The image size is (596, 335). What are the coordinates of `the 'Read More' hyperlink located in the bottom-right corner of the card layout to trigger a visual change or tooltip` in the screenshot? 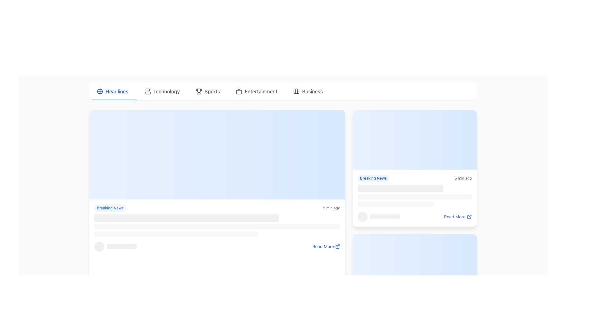 It's located at (458, 216).